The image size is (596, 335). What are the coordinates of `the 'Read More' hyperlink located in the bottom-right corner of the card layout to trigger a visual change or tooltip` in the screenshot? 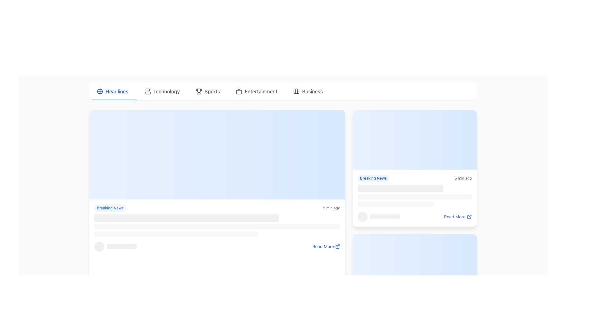 It's located at (458, 216).